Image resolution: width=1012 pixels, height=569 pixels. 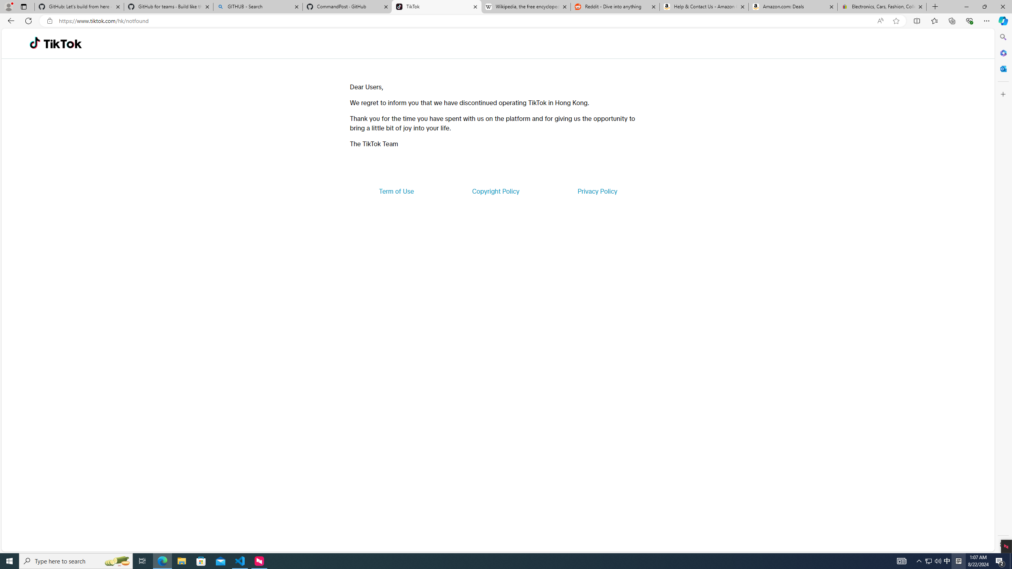 What do you see at coordinates (1003, 290) in the screenshot?
I see `'Side bar'` at bounding box center [1003, 290].